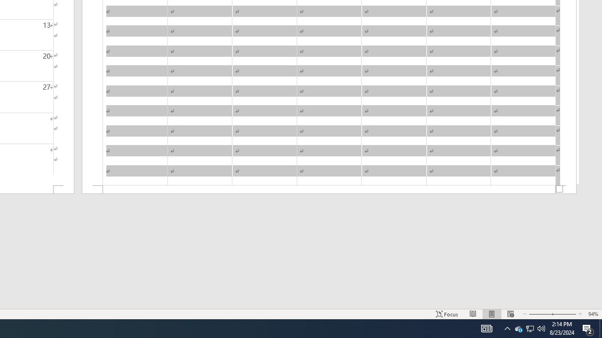 The image size is (602, 338). What do you see at coordinates (473, 314) in the screenshot?
I see `'Read Mode'` at bounding box center [473, 314].